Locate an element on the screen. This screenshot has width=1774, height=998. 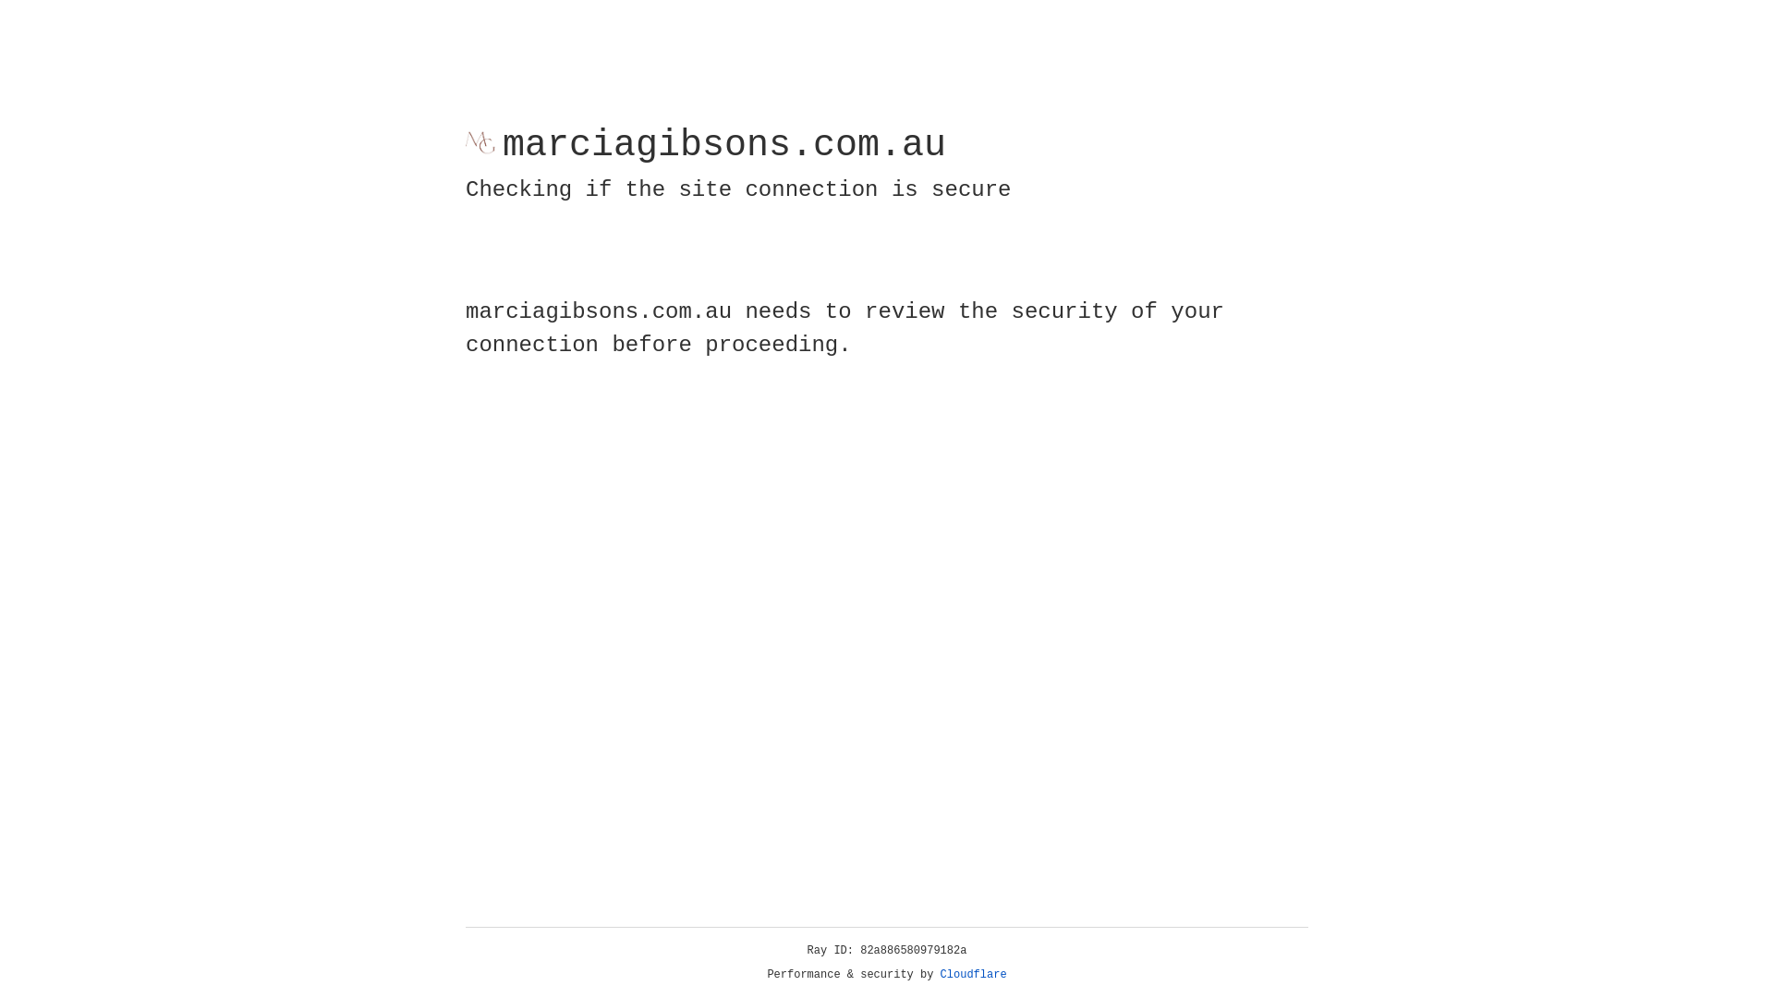
'Cloudflare' is located at coordinates (973, 974).